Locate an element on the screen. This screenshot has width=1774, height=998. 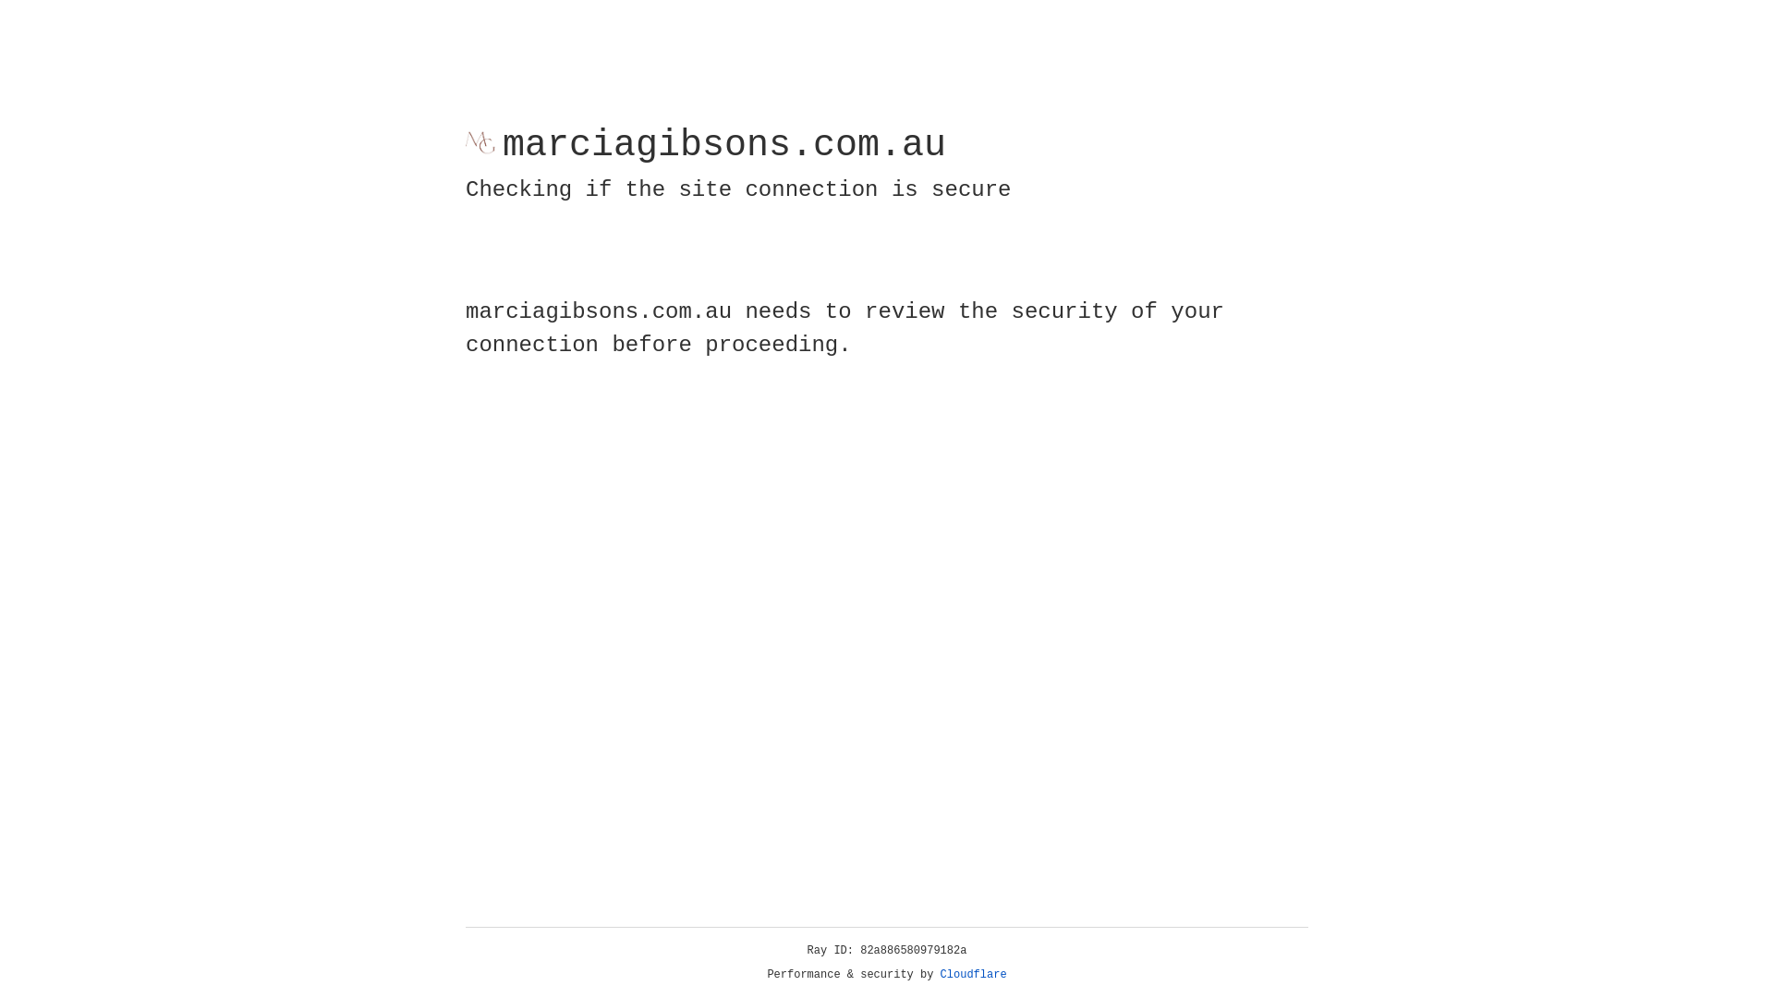
'Cloudflare' is located at coordinates (973, 974).